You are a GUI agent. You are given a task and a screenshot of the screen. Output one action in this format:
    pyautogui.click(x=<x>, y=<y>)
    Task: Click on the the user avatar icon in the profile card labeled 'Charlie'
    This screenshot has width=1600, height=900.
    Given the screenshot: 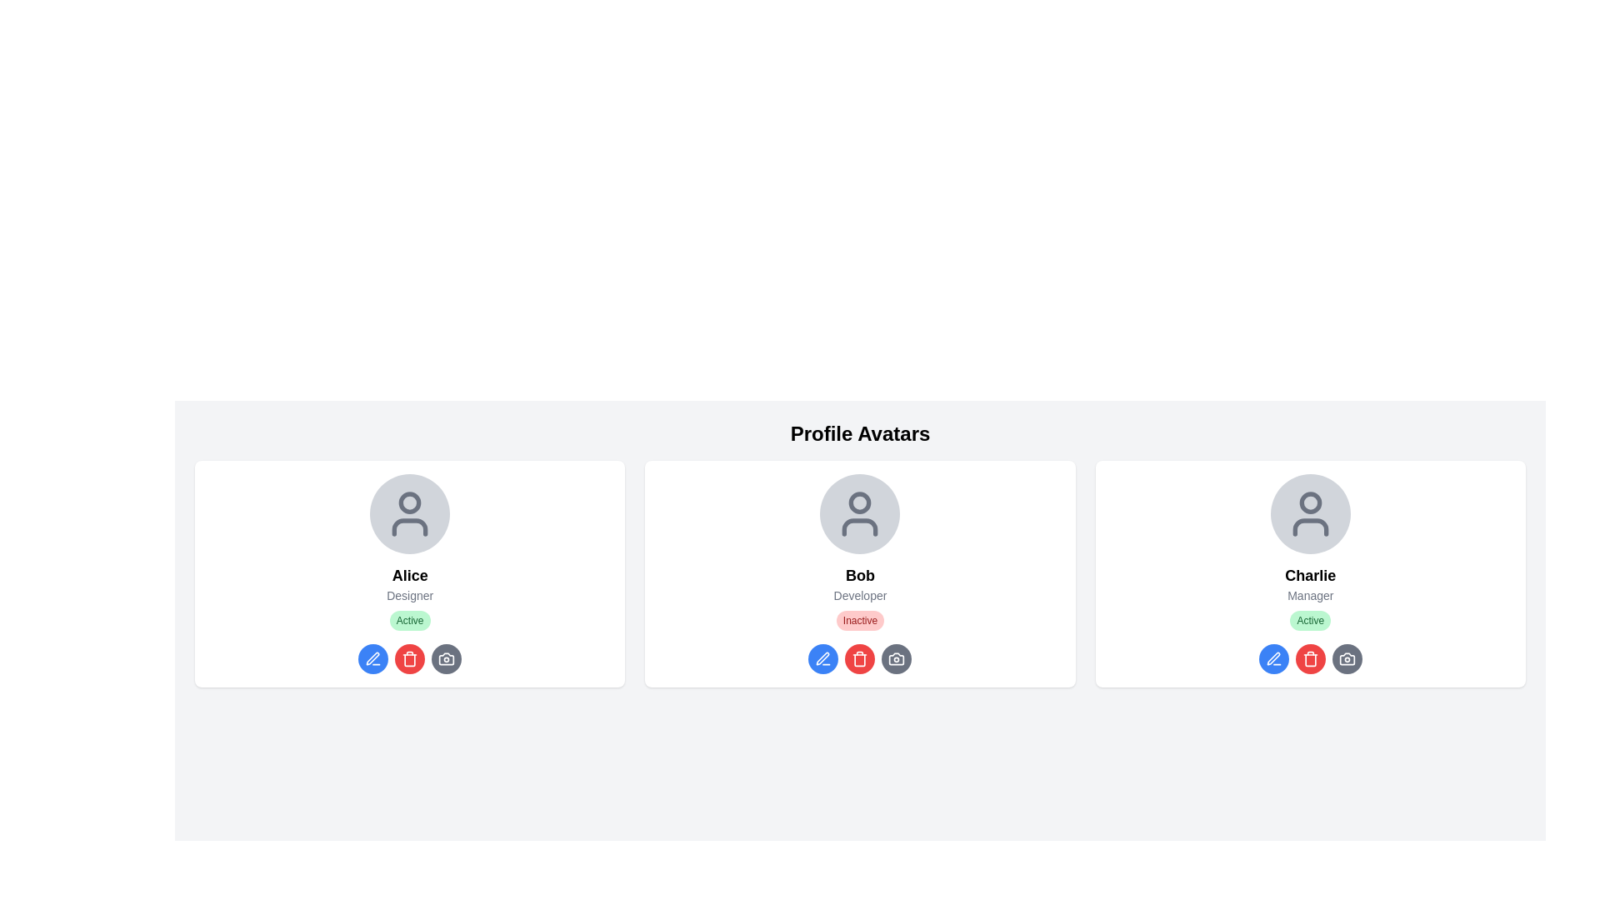 What is the action you would take?
    pyautogui.click(x=1309, y=513)
    